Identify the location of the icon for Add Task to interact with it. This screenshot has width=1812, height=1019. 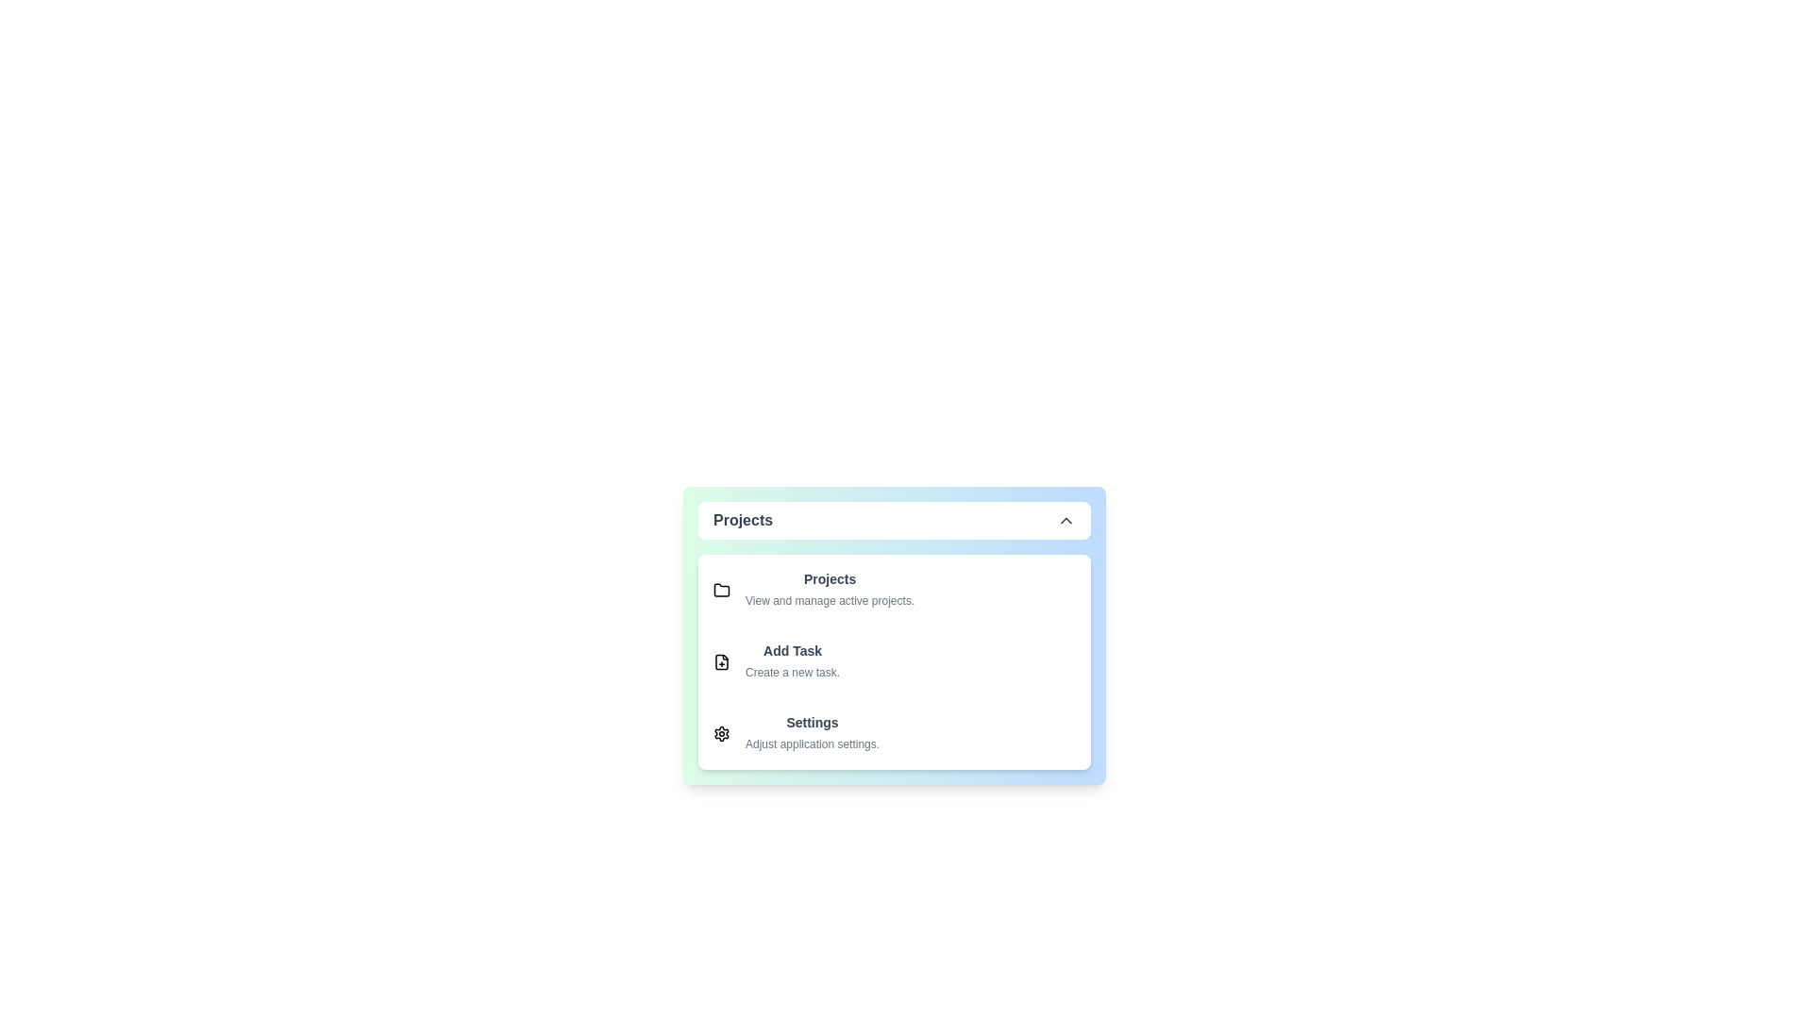
(720, 661).